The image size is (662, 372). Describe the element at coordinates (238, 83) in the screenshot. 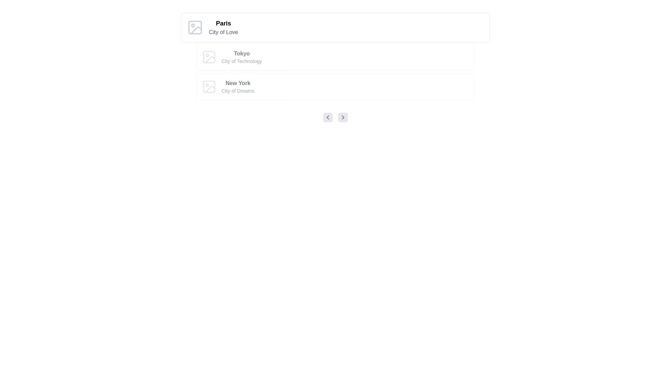

I see `the text label titled 'City of Dreams', which is the third entry in a vertical list of titles including 'Paris' and 'Tokyo'` at that location.